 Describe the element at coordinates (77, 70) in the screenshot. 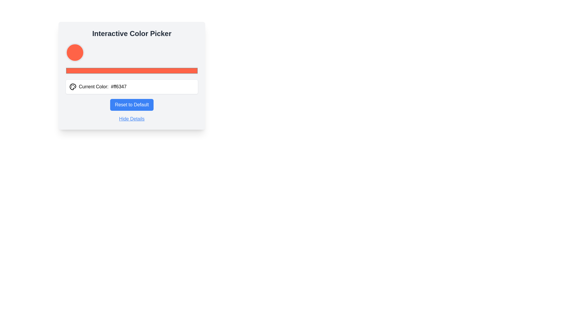

I see `the slider value` at that location.